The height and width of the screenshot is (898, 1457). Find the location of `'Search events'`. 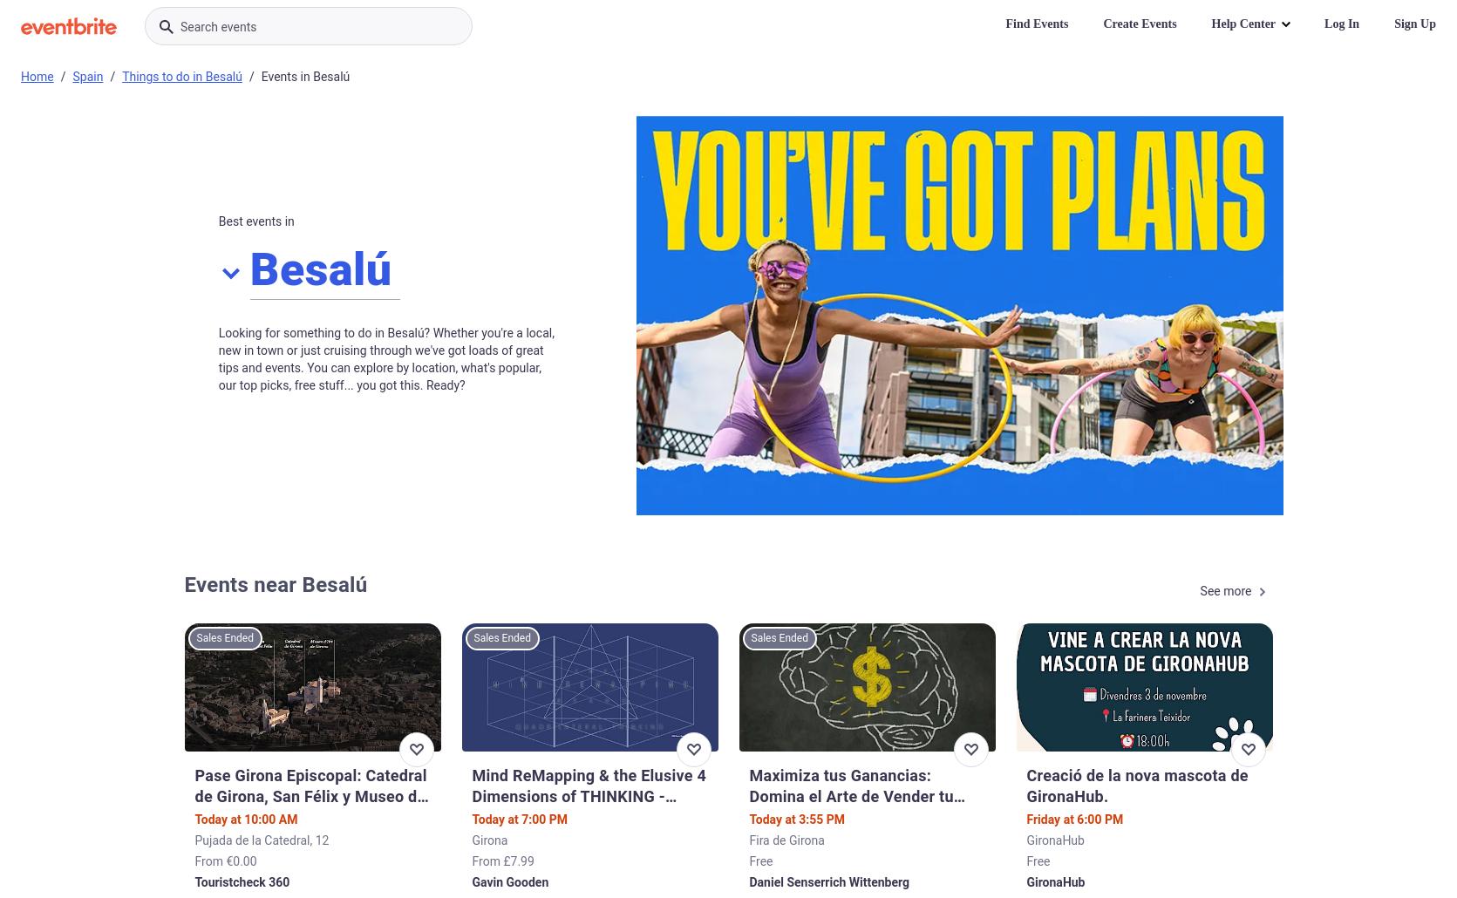

'Search events' is located at coordinates (218, 27).